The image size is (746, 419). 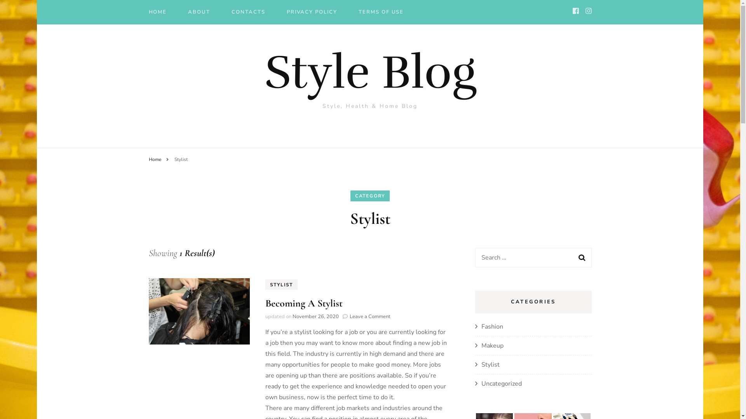 I want to click on 'Makeup', so click(x=492, y=345).